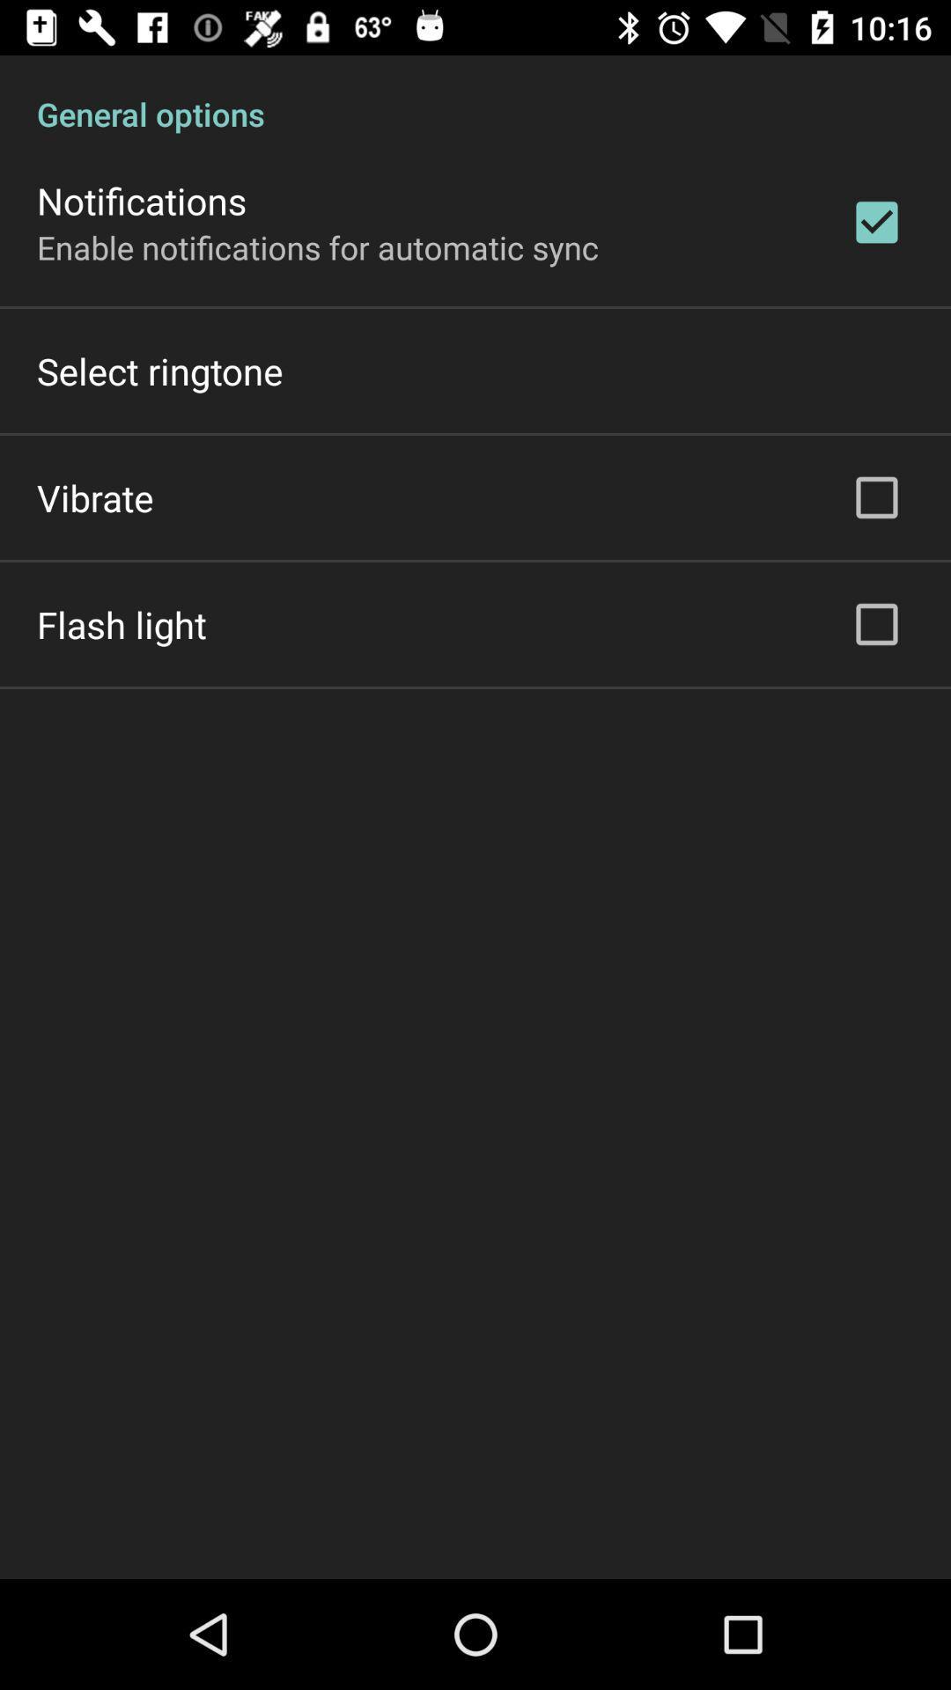 The image size is (951, 1690). What do you see at coordinates (159, 370) in the screenshot?
I see `the item above the vibrate icon` at bounding box center [159, 370].